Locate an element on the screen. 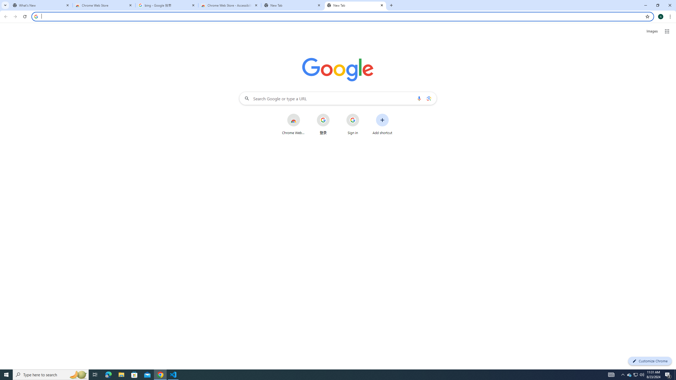 The height and width of the screenshot is (380, 676). 'Customize Chrome' is located at coordinates (650, 361).